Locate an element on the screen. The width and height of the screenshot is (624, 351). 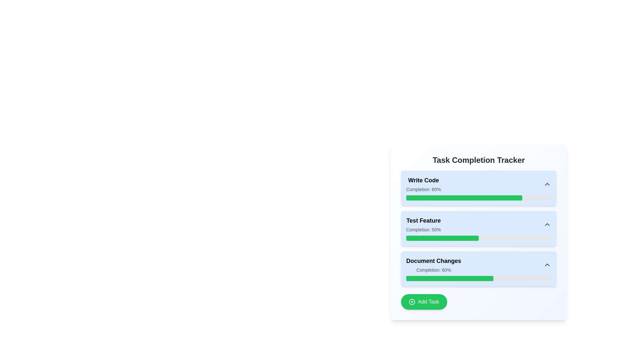
the text 'Add Task' within the green button located at the bottom-left corner of the task completion tracker interface is located at coordinates (428, 302).